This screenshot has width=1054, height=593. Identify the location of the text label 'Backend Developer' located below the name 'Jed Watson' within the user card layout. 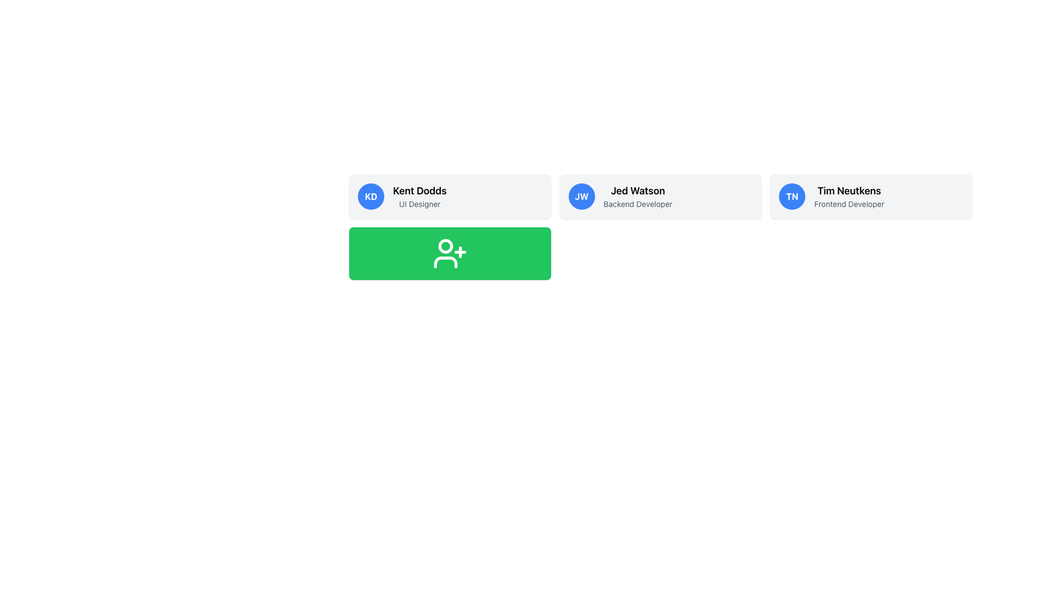
(638, 204).